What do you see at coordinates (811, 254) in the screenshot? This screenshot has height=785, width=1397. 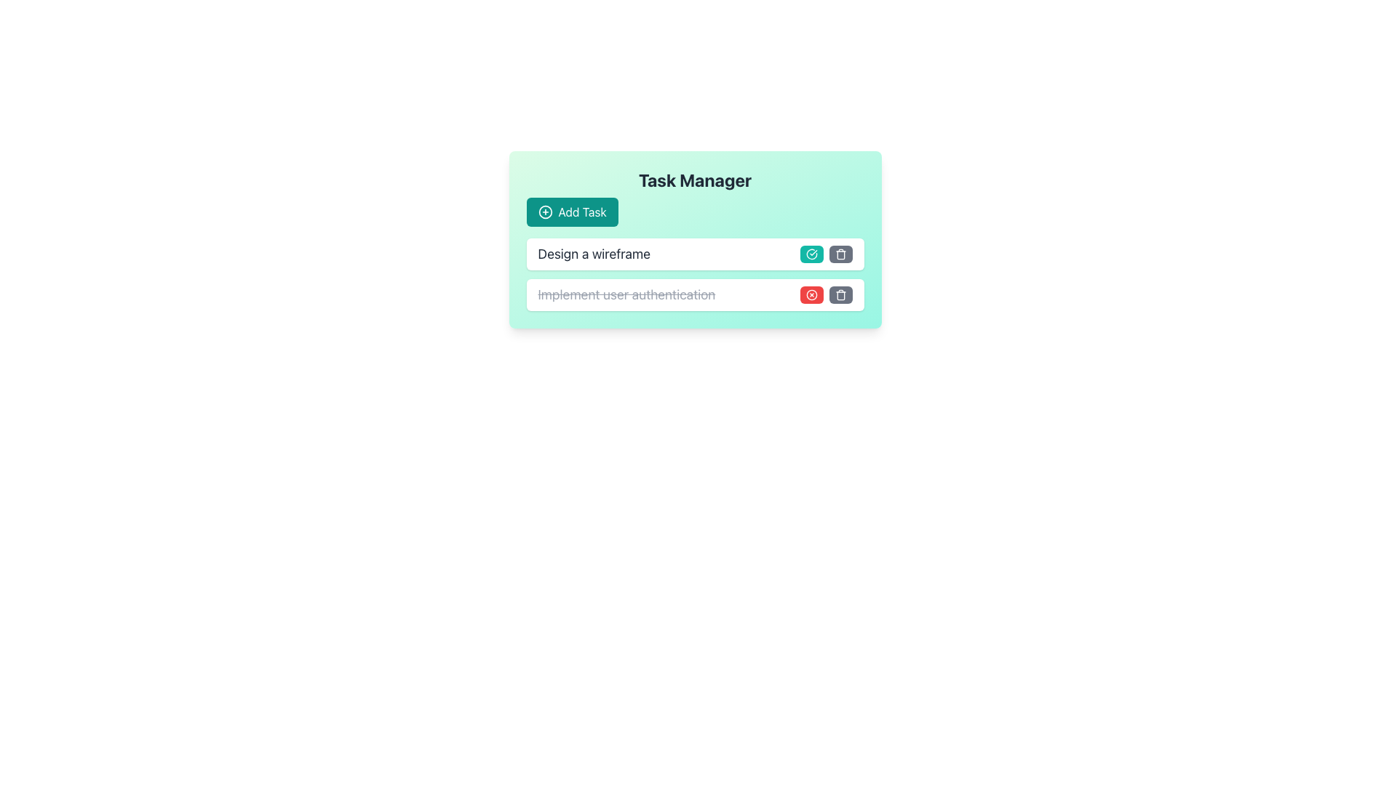 I see `the teal circular button with a checkmark icon, which is the first button in a horizontal group located next to the 'Design a wireframe' text input` at bounding box center [811, 254].